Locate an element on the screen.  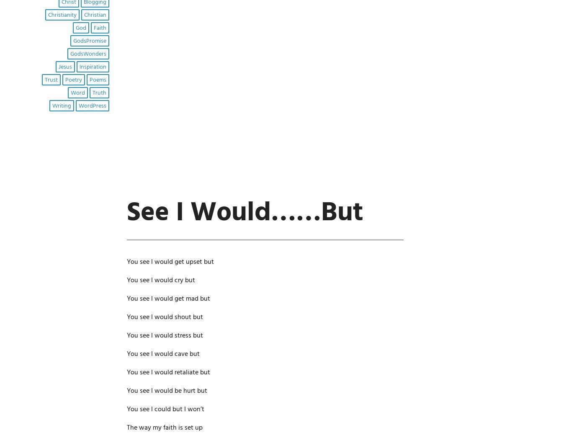
'Poems' is located at coordinates (89, 80).